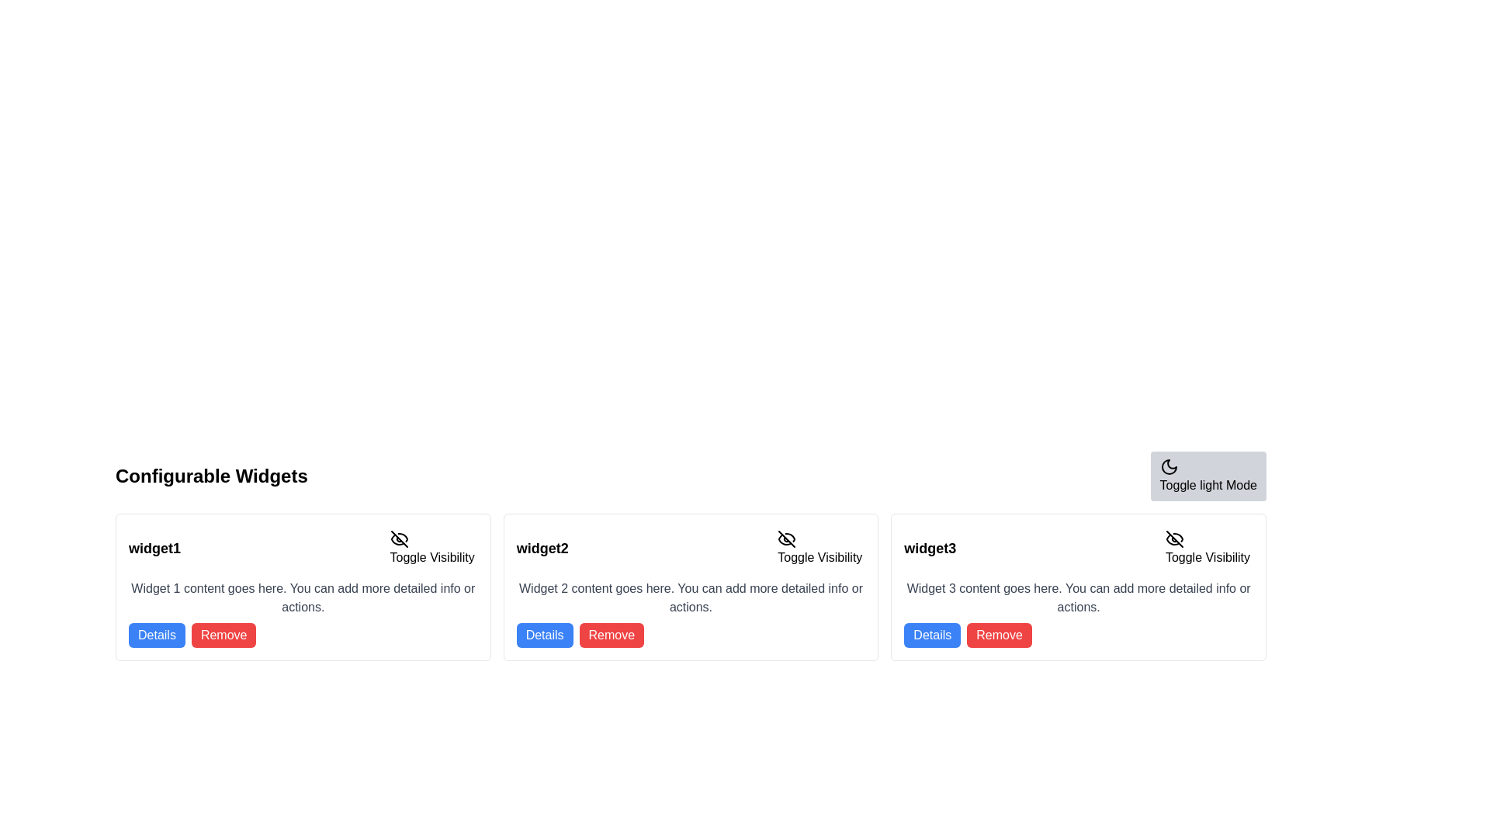  What do you see at coordinates (1208, 475) in the screenshot?
I see `the toggle button located at the top-right corner of the 'Configurable Widgets' section to switch between light and dark modes` at bounding box center [1208, 475].